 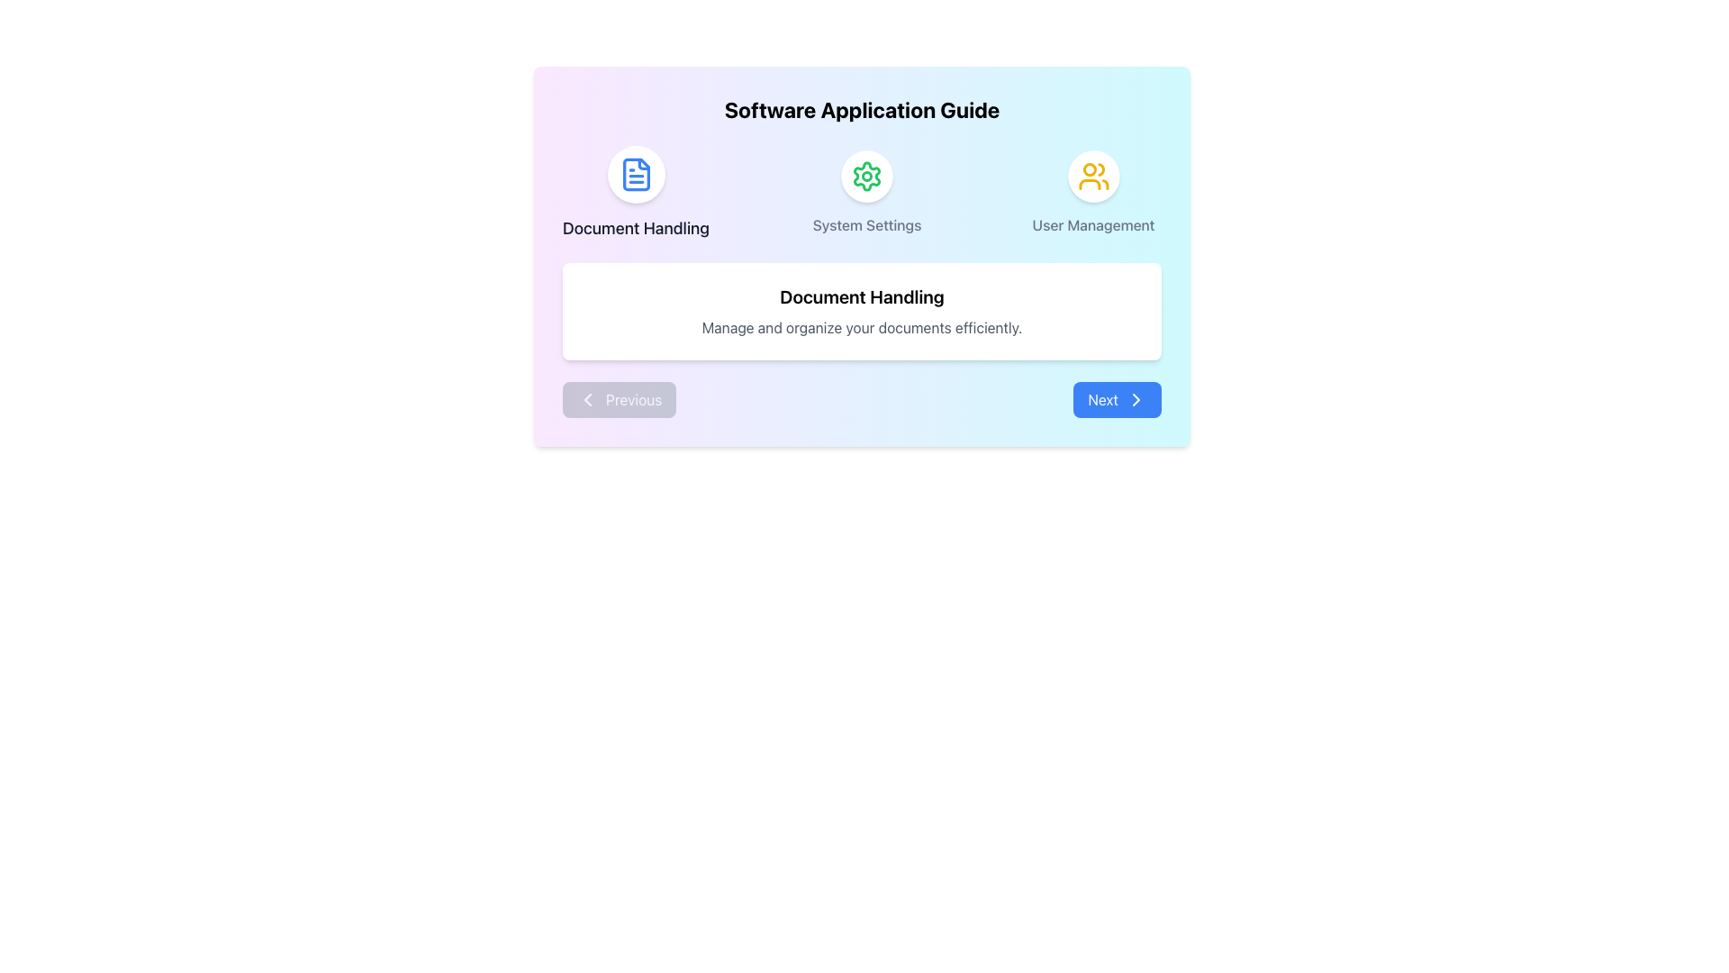 What do you see at coordinates (867, 194) in the screenshot?
I see `the 'System Settings' menu item, which features a green gear icon and is centrally positioned between 'Document Handling' and 'User Management'` at bounding box center [867, 194].